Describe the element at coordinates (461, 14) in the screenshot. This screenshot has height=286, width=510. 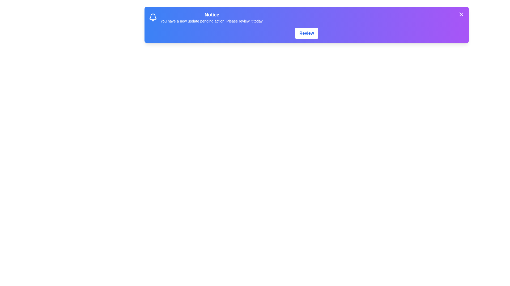
I see `the small white close button represented by an 'X' icon in the top-right corner of the purple notification banner` at that location.